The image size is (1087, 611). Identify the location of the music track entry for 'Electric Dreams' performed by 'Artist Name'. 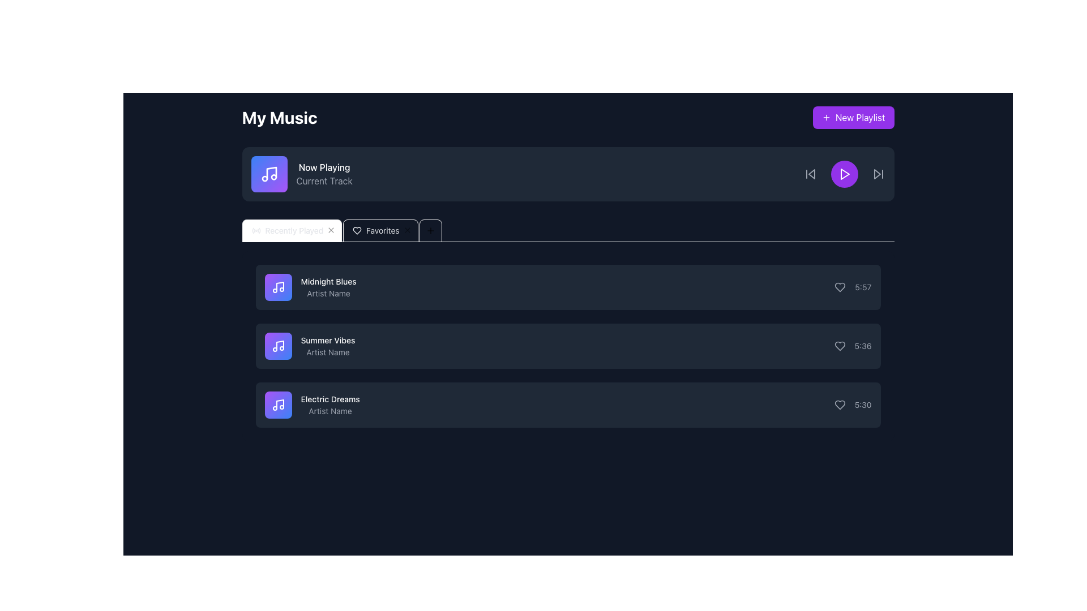
(568, 405).